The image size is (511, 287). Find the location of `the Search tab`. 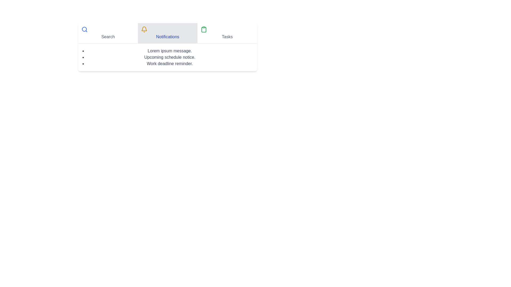

the Search tab is located at coordinates (108, 33).